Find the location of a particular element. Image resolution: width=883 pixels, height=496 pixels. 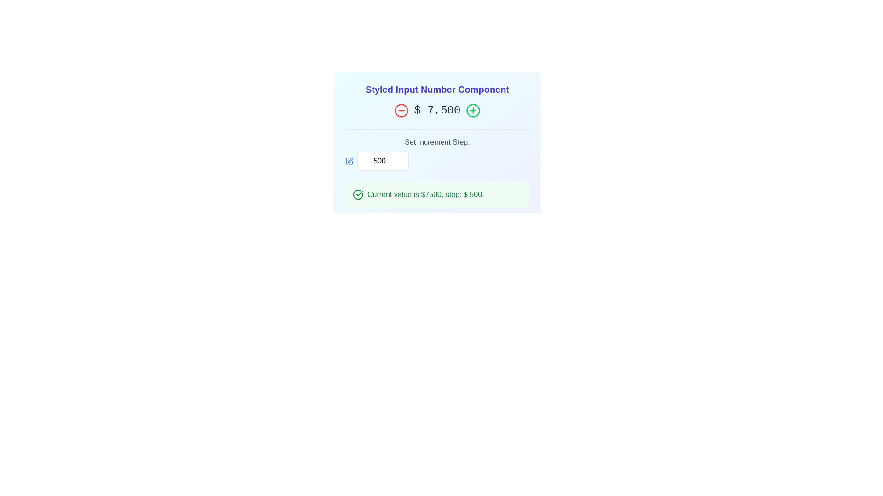

the icon button located to the left of the number input field is located at coordinates (349, 161).